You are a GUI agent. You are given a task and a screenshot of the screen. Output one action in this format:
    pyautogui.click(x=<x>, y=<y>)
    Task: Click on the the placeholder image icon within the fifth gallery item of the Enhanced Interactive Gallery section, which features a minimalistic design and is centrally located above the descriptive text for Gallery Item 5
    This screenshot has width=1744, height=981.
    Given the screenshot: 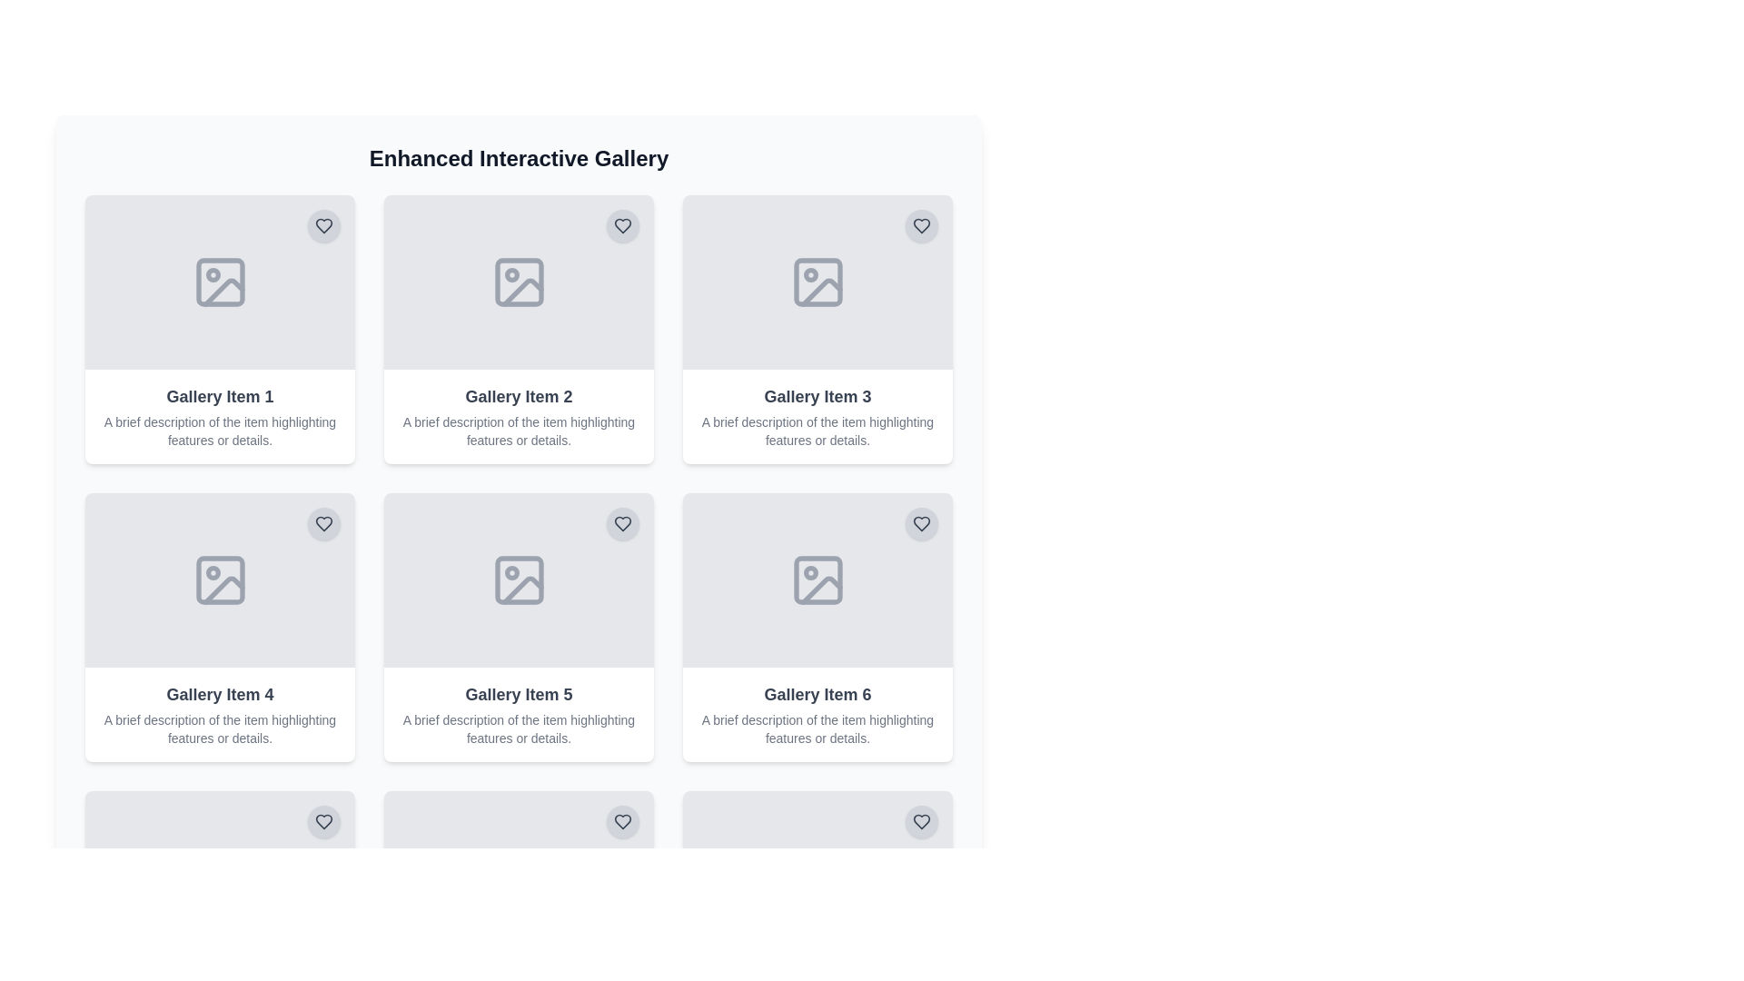 What is the action you would take?
    pyautogui.click(x=518, y=580)
    